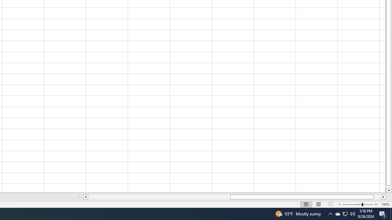 The width and height of the screenshot is (392, 220). What do you see at coordinates (377, 197) in the screenshot?
I see `'Page right'` at bounding box center [377, 197].